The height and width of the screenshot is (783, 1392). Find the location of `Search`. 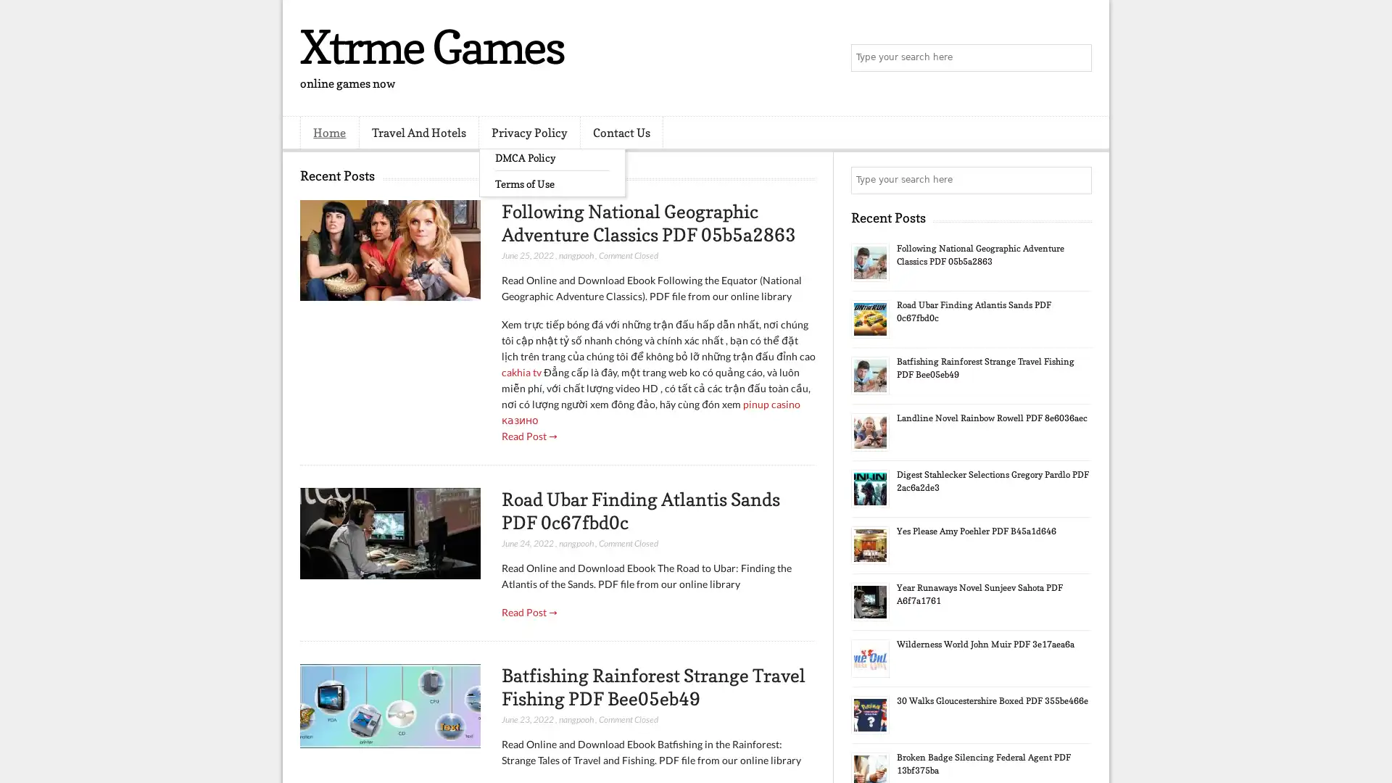

Search is located at coordinates (1077, 180).